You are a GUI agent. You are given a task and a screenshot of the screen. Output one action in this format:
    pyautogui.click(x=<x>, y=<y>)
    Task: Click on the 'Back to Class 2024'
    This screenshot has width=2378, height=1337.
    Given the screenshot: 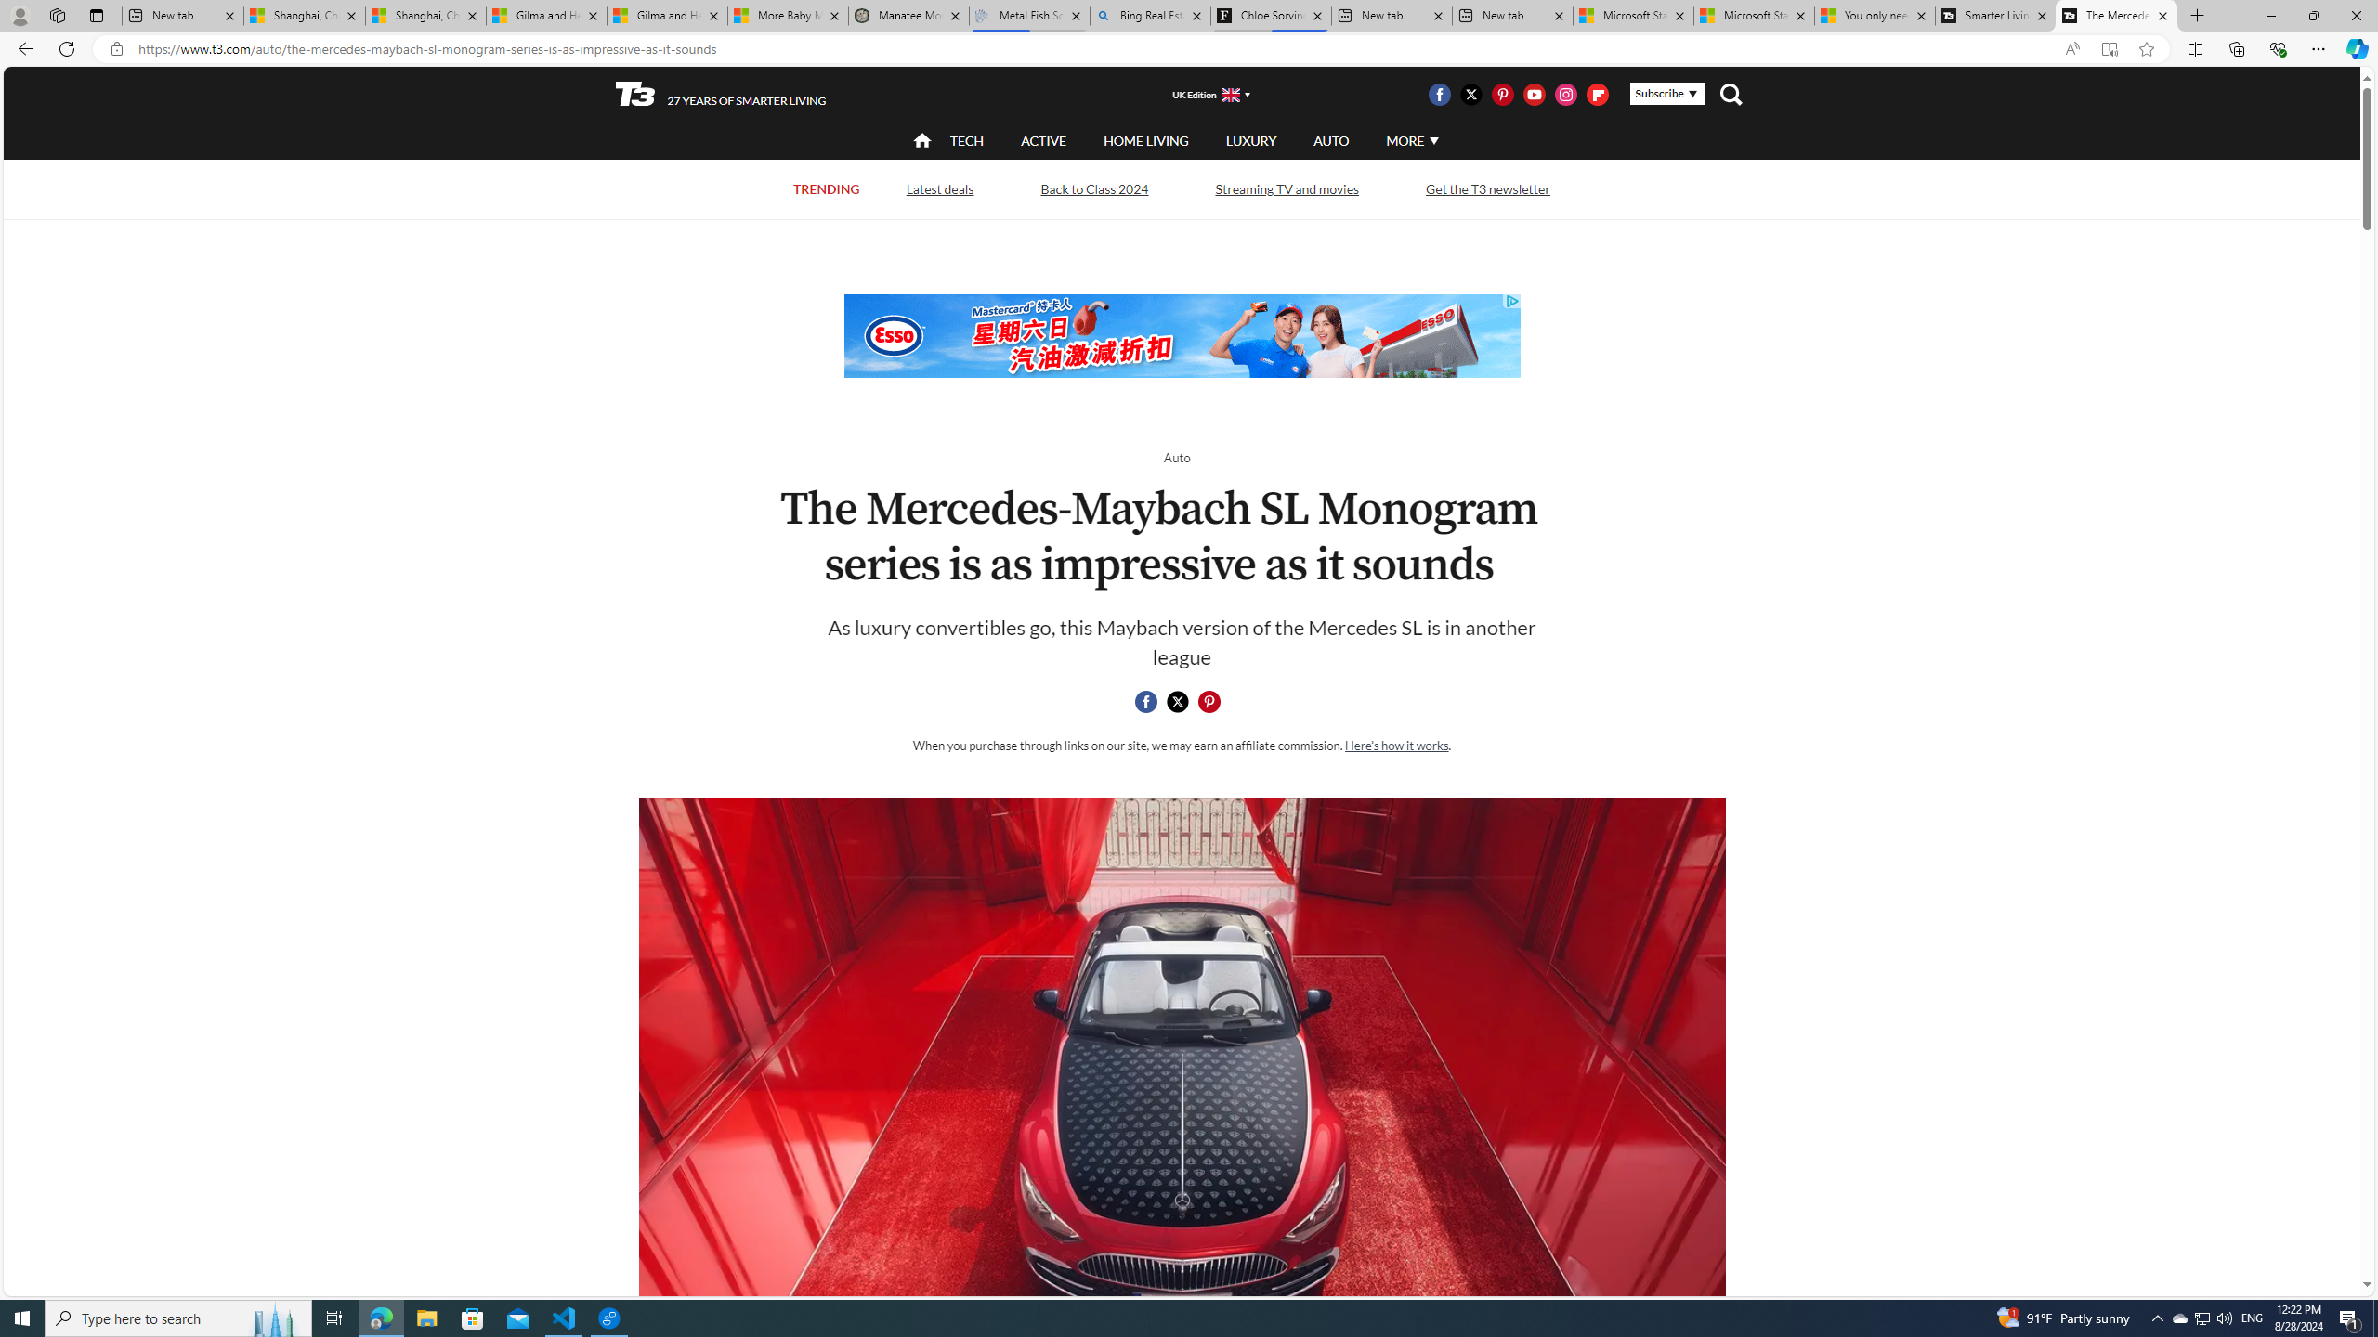 What is the action you would take?
    pyautogui.click(x=1094, y=188)
    